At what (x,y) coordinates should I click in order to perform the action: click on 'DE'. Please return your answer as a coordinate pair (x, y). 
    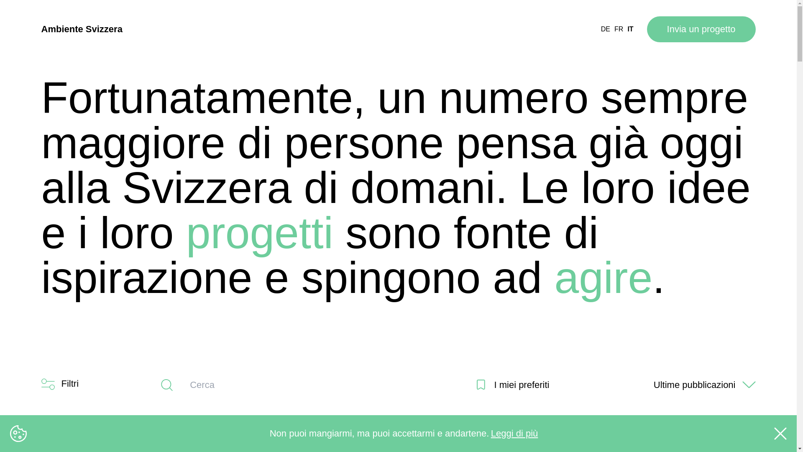
    Looking at the image, I should click on (606, 28).